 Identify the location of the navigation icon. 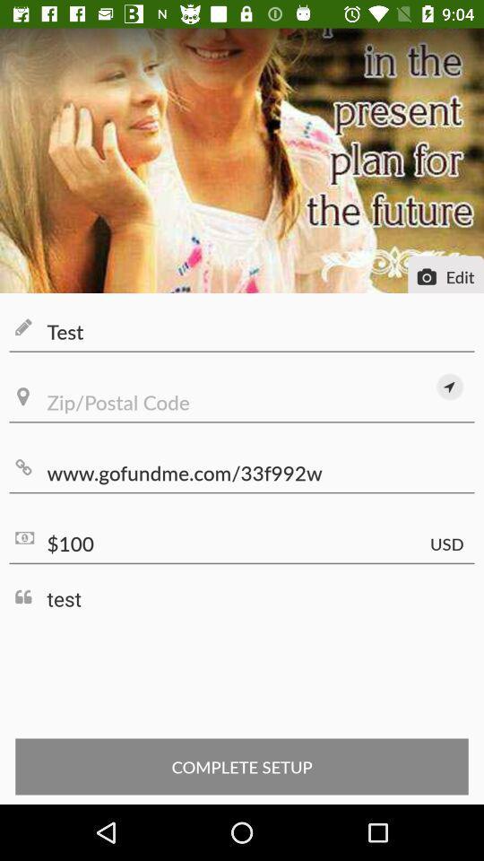
(449, 387).